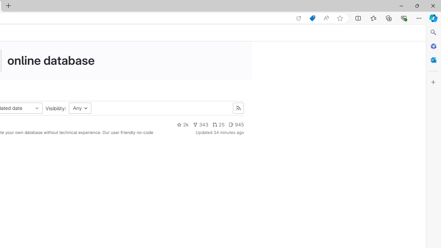 This screenshot has height=248, width=441. Describe the element at coordinates (433, 60) in the screenshot. I see `'Close Outlook pane'` at that location.